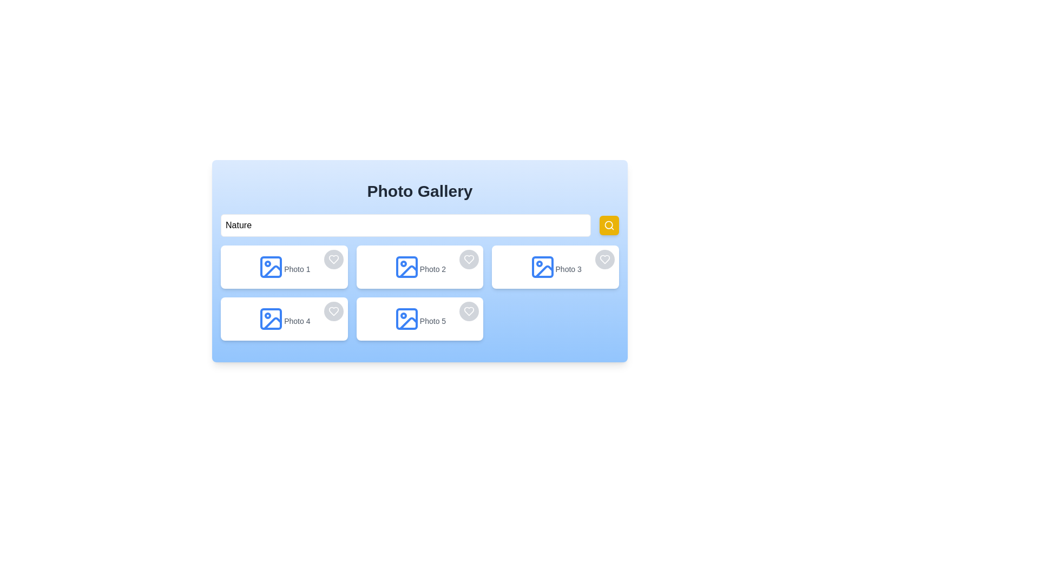  I want to click on the image icon representing 'Photo 1', which is a rounded rectangle with a line drawing of a mountain and a circle filled with blue color, located in the top-left corner of the grid layout, so click(271, 267).